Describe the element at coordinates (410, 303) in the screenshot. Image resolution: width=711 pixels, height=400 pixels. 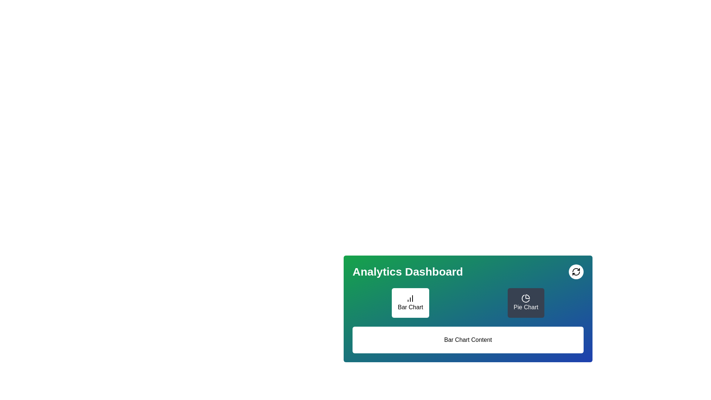
I see `the 'Bar Chart' button, which is a rectangular button with rounded corners located below the 'Analytics Dashboard' heading, to switch to the bar chart view` at that location.